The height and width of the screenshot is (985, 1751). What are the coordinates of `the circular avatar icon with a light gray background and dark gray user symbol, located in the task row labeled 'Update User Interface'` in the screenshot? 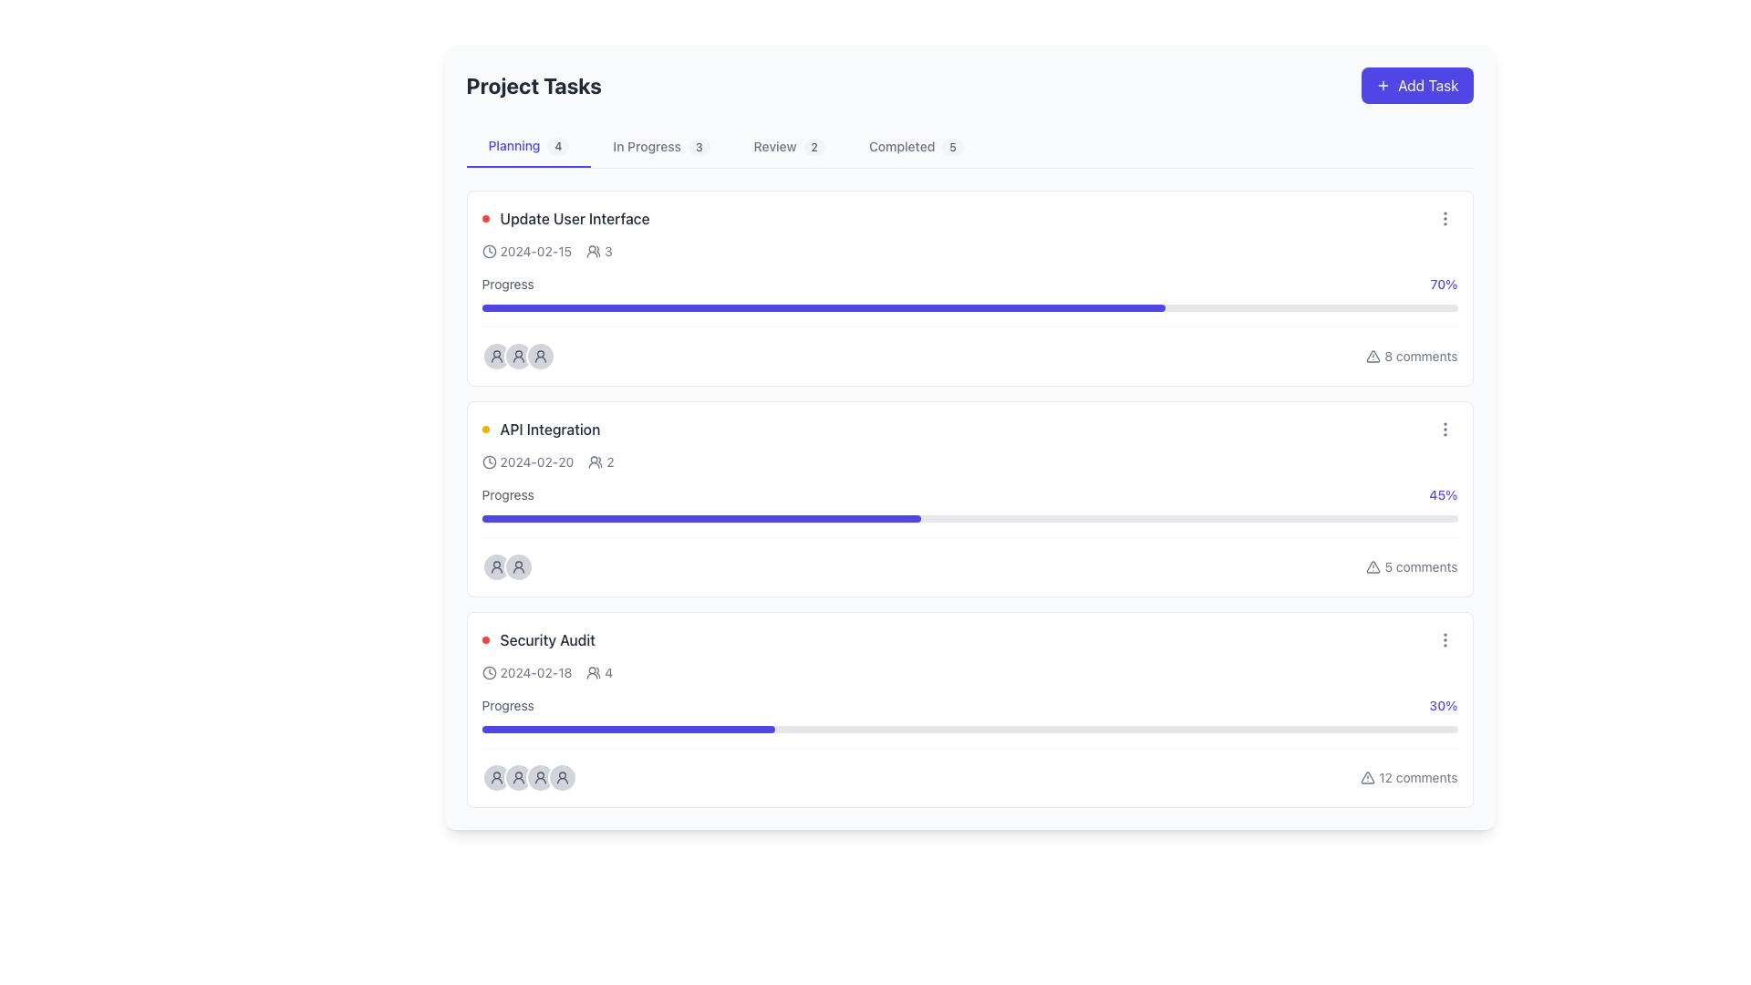 It's located at (539, 356).